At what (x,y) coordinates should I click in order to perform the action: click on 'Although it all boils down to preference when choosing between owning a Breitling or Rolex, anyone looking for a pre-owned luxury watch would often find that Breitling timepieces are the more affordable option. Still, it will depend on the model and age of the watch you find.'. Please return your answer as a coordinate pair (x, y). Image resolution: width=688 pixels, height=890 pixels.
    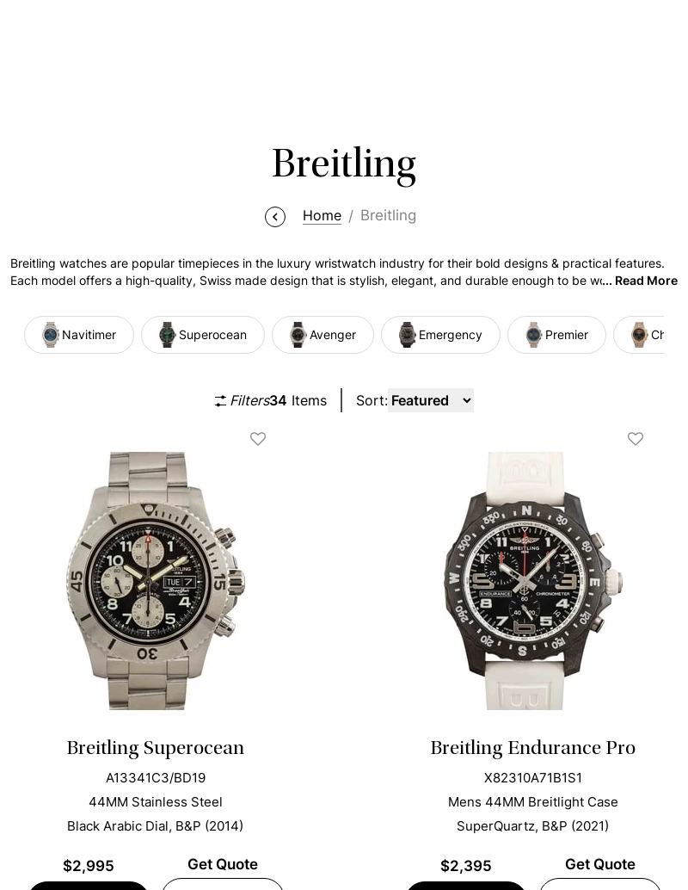
    Looking at the image, I should click on (340, 127).